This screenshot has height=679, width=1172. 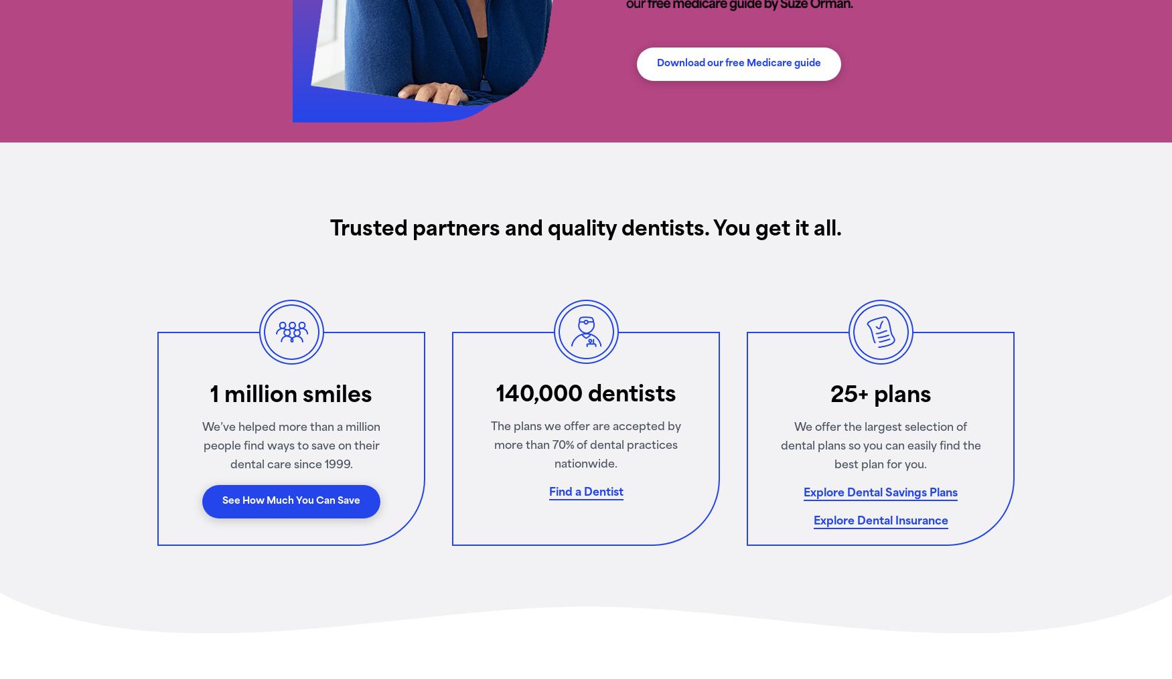 What do you see at coordinates (346, 480) in the screenshot?
I see `'Web Accessibility'` at bounding box center [346, 480].